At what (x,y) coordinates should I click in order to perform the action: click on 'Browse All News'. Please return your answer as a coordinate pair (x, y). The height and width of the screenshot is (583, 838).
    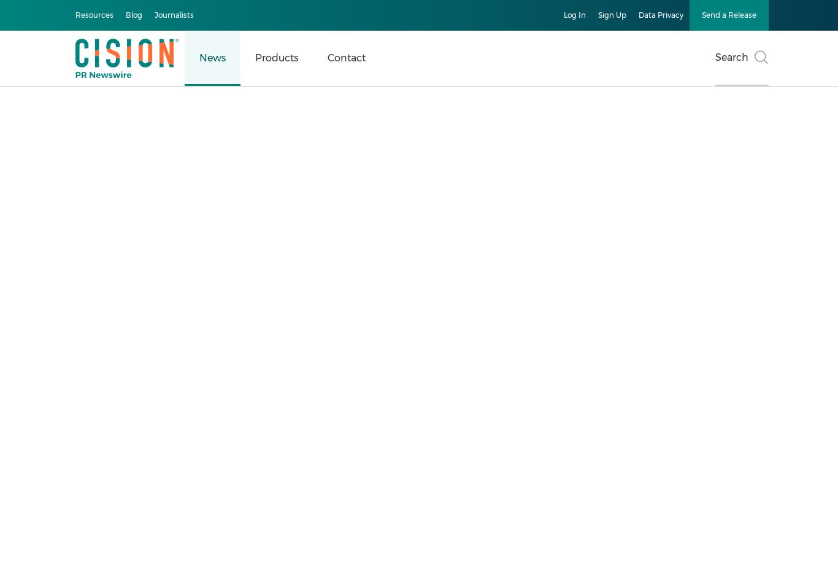
    Looking at the image, I should click on (83, 239).